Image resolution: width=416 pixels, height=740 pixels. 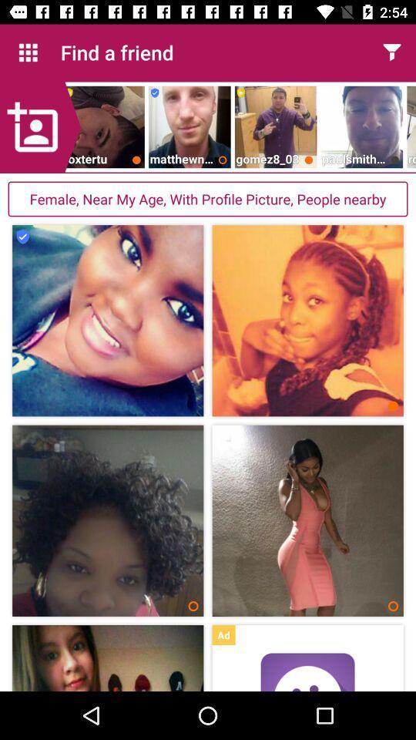 I want to click on app to the right of find a friend item, so click(x=391, y=52).